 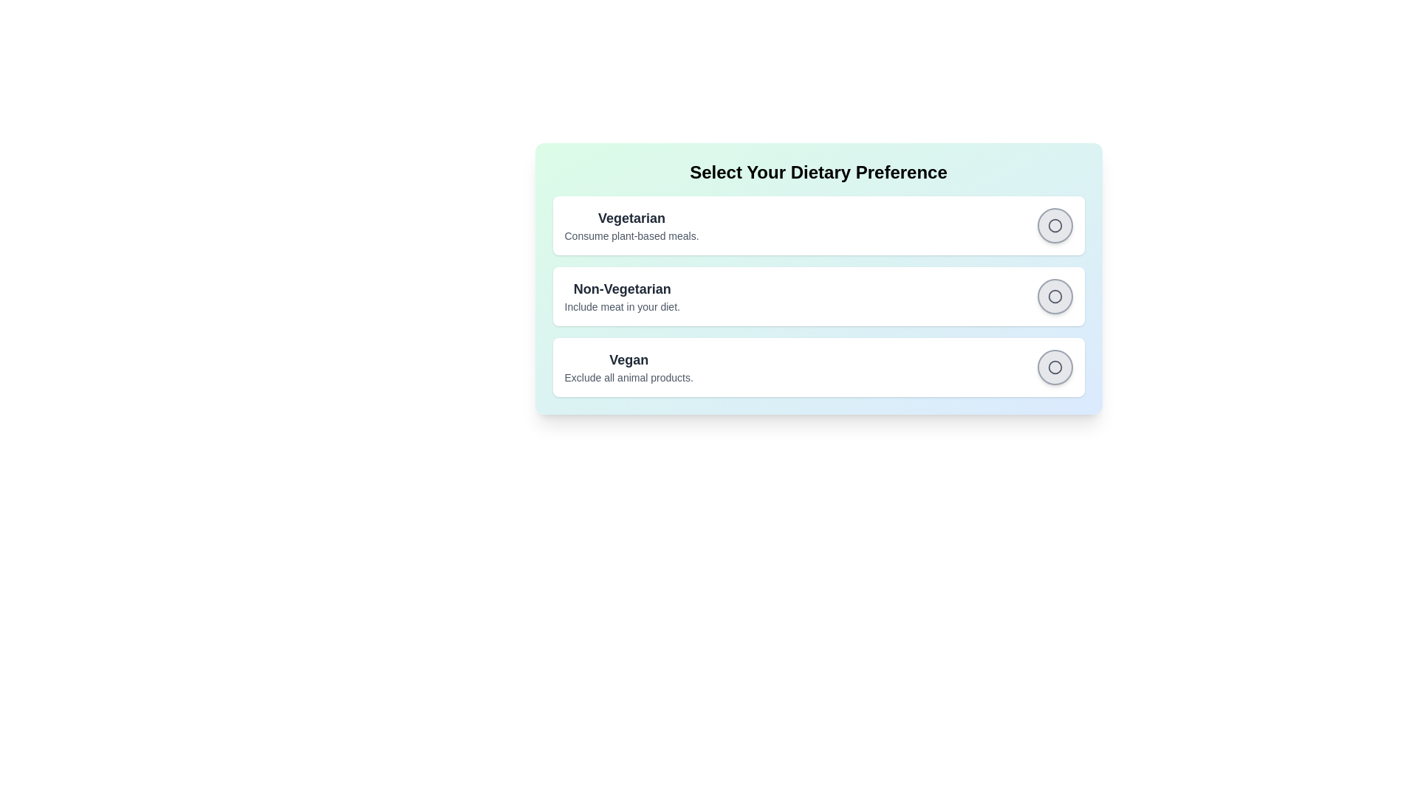 What do you see at coordinates (818, 279) in the screenshot?
I see `the circular button` at bounding box center [818, 279].